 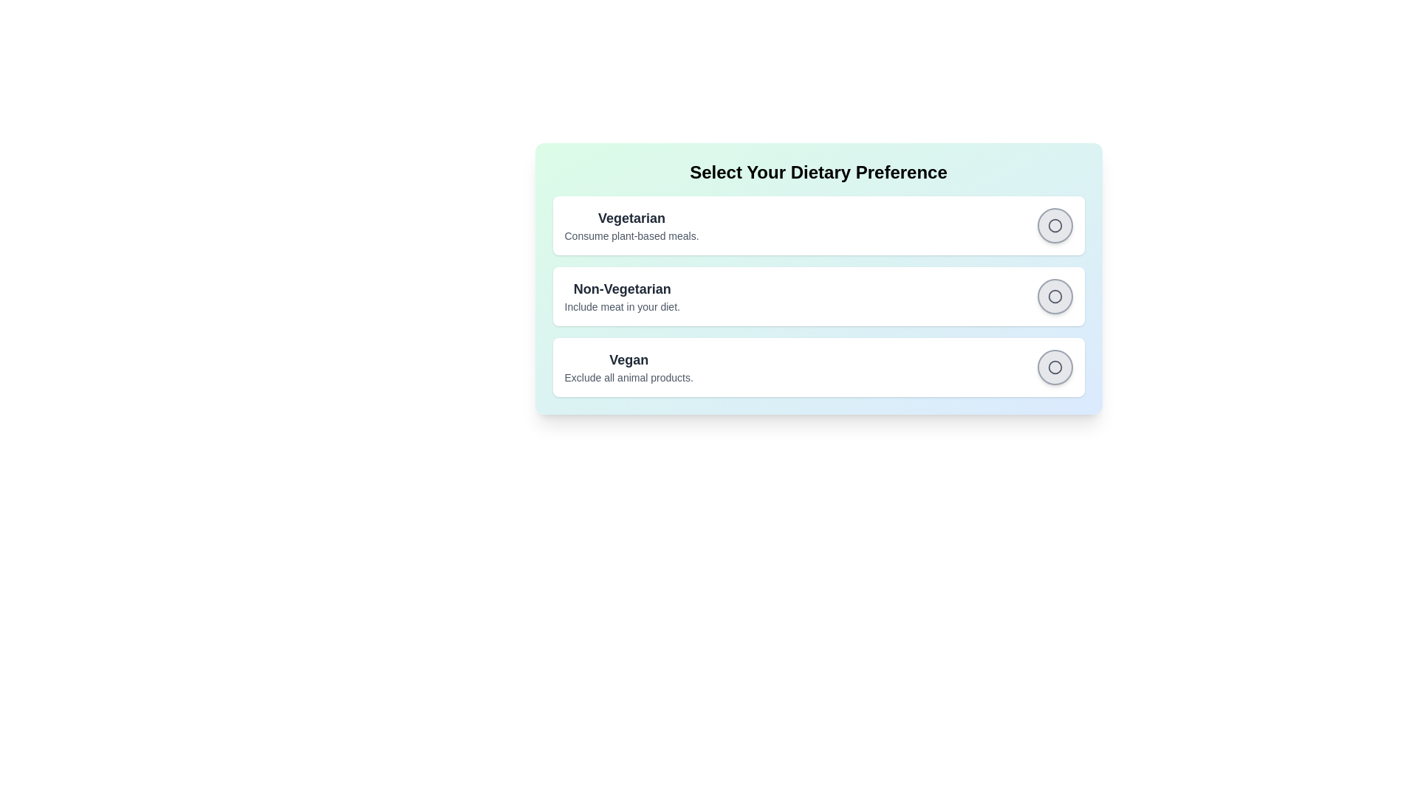 What do you see at coordinates (818, 279) in the screenshot?
I see `the circular button` at bounding box center [818, 279].